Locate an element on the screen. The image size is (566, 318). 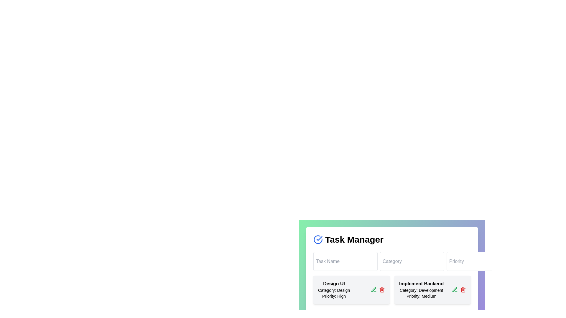
the text input field labeled 'Category' to focus on it is located at coordinates (392, 261).